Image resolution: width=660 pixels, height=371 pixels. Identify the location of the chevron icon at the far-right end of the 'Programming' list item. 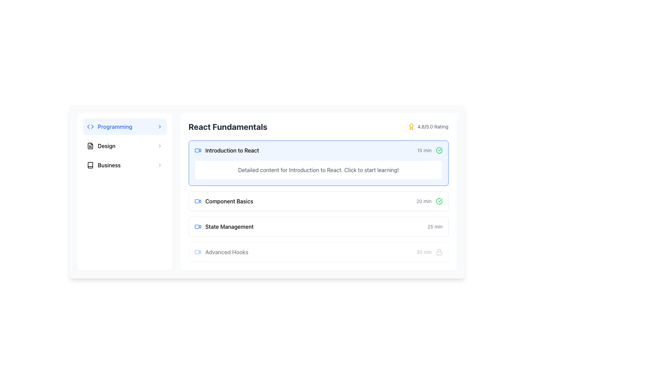
(159, 127).